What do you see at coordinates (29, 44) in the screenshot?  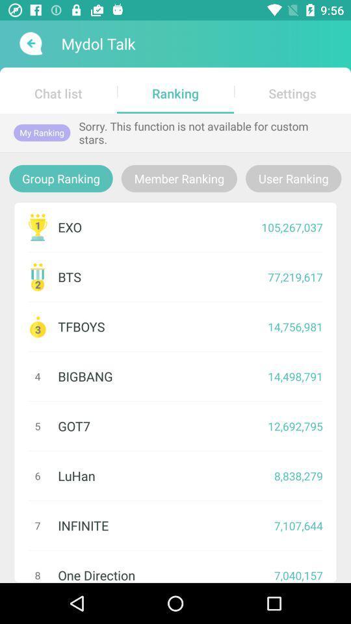 I see `item above the chat list item` at bounding box center [29, 44].